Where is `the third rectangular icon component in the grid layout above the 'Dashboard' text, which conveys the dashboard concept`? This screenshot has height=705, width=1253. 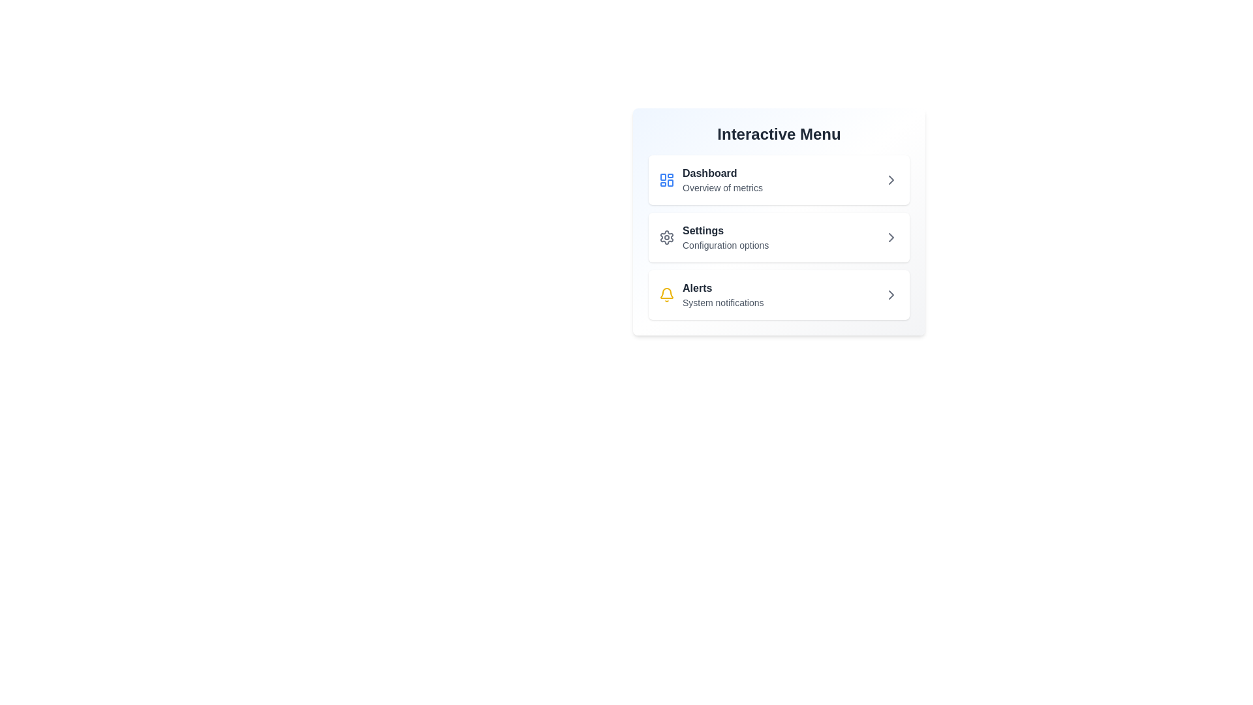 the third rectangular icon component in the grid layout above the 'Dashboard' text, which conveys the dashboard concept is located at coordinates (670, 183).